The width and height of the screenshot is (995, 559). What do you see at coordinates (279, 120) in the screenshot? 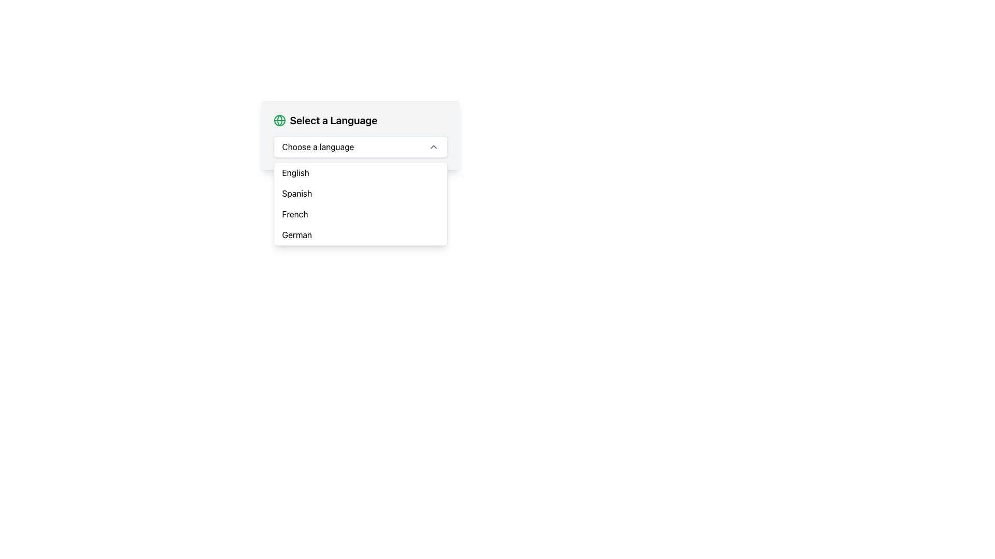
I see `the globe icon which represents languages or global settings, located to the left of the 'Select a Language' text in the upper portion of the interface` at bounding box center [279, 120].